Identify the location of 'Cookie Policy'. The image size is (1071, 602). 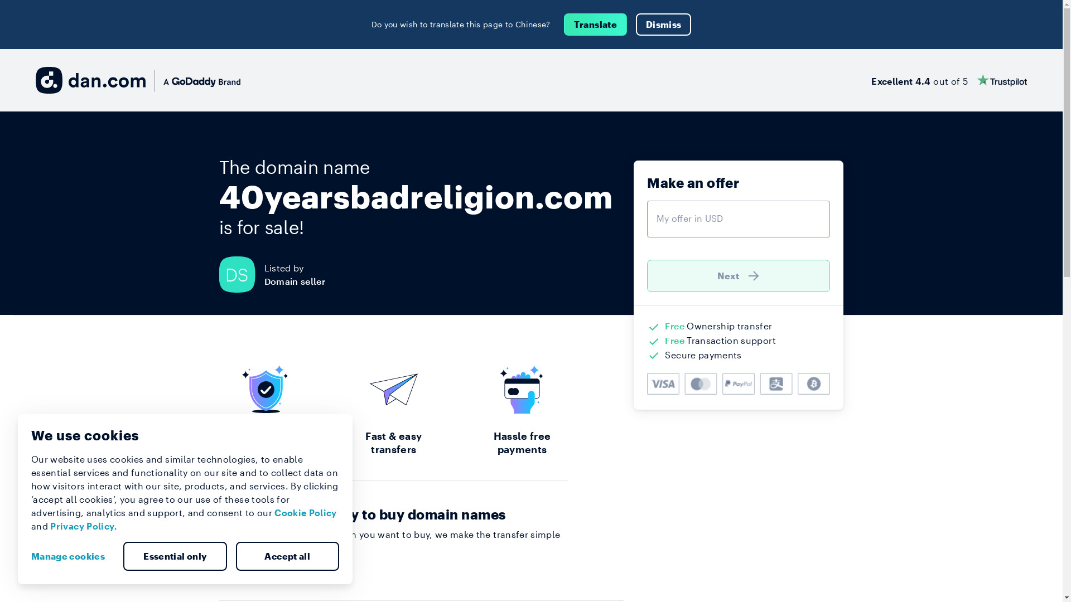
(305, 512).